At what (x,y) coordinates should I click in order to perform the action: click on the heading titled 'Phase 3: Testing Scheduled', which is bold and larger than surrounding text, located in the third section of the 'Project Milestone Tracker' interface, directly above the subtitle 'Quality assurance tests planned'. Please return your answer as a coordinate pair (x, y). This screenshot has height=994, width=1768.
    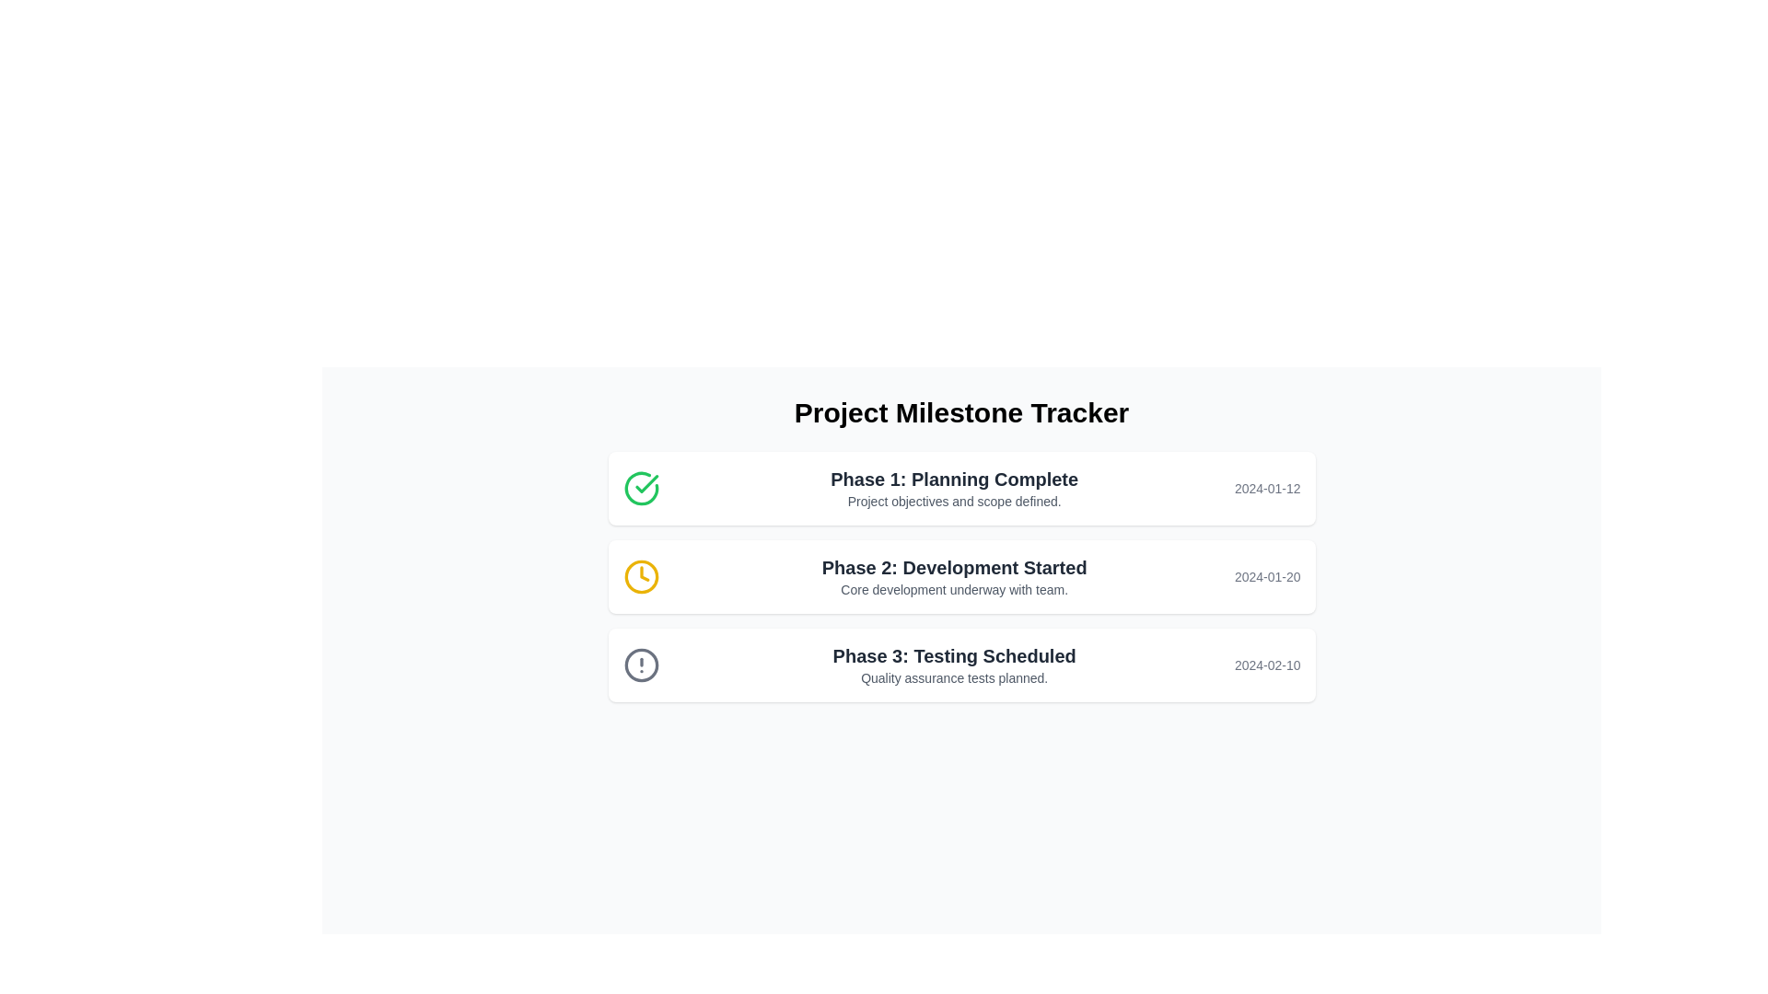
    Looking at the image, I should click on (954, 655).